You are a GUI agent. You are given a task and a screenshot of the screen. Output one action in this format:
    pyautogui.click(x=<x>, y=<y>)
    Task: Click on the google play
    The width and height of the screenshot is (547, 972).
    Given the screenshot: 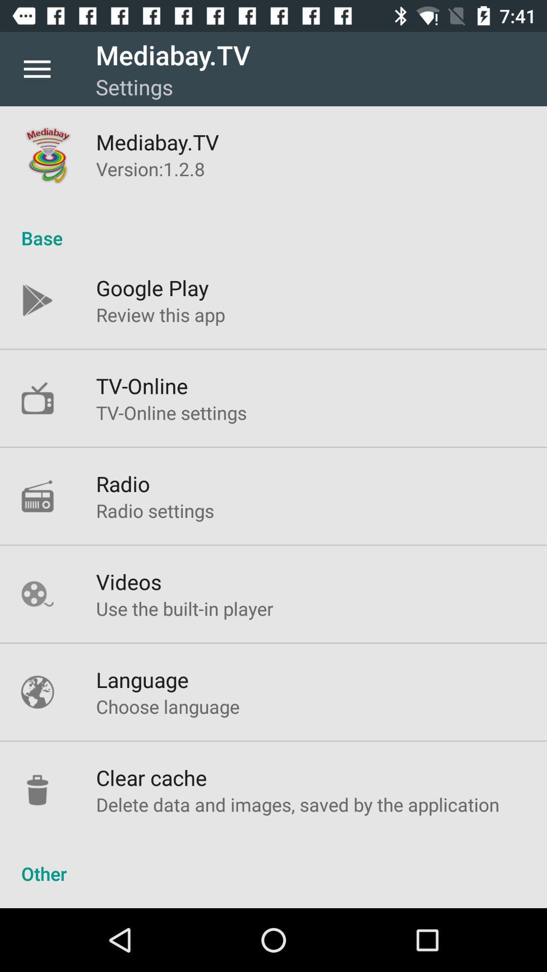 What is the action you would take?
    pyautogui.click(x=152, y=287)
    